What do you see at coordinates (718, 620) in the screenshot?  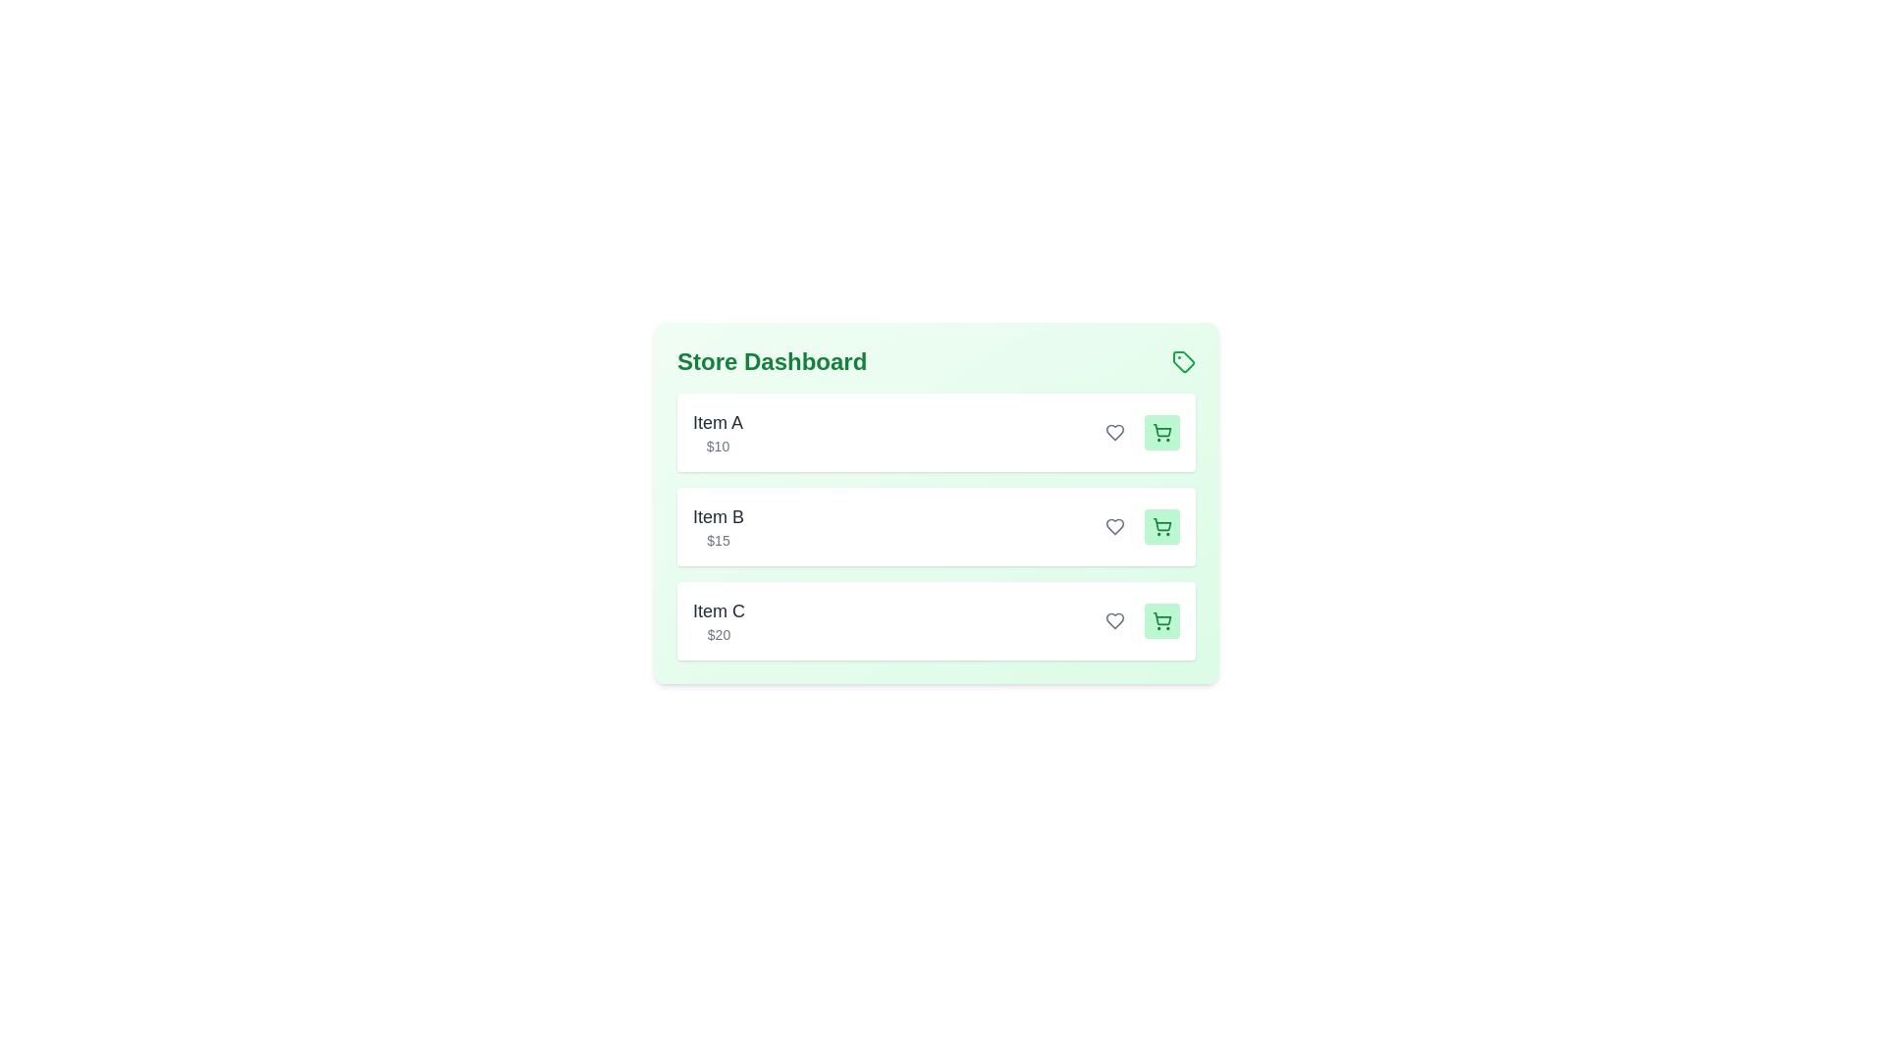 I see `the Text label displaying 'Item C' in larger, bold, black font, located in the third card under the 'Store Dashboard' heading` at bounding box center [718, 620].